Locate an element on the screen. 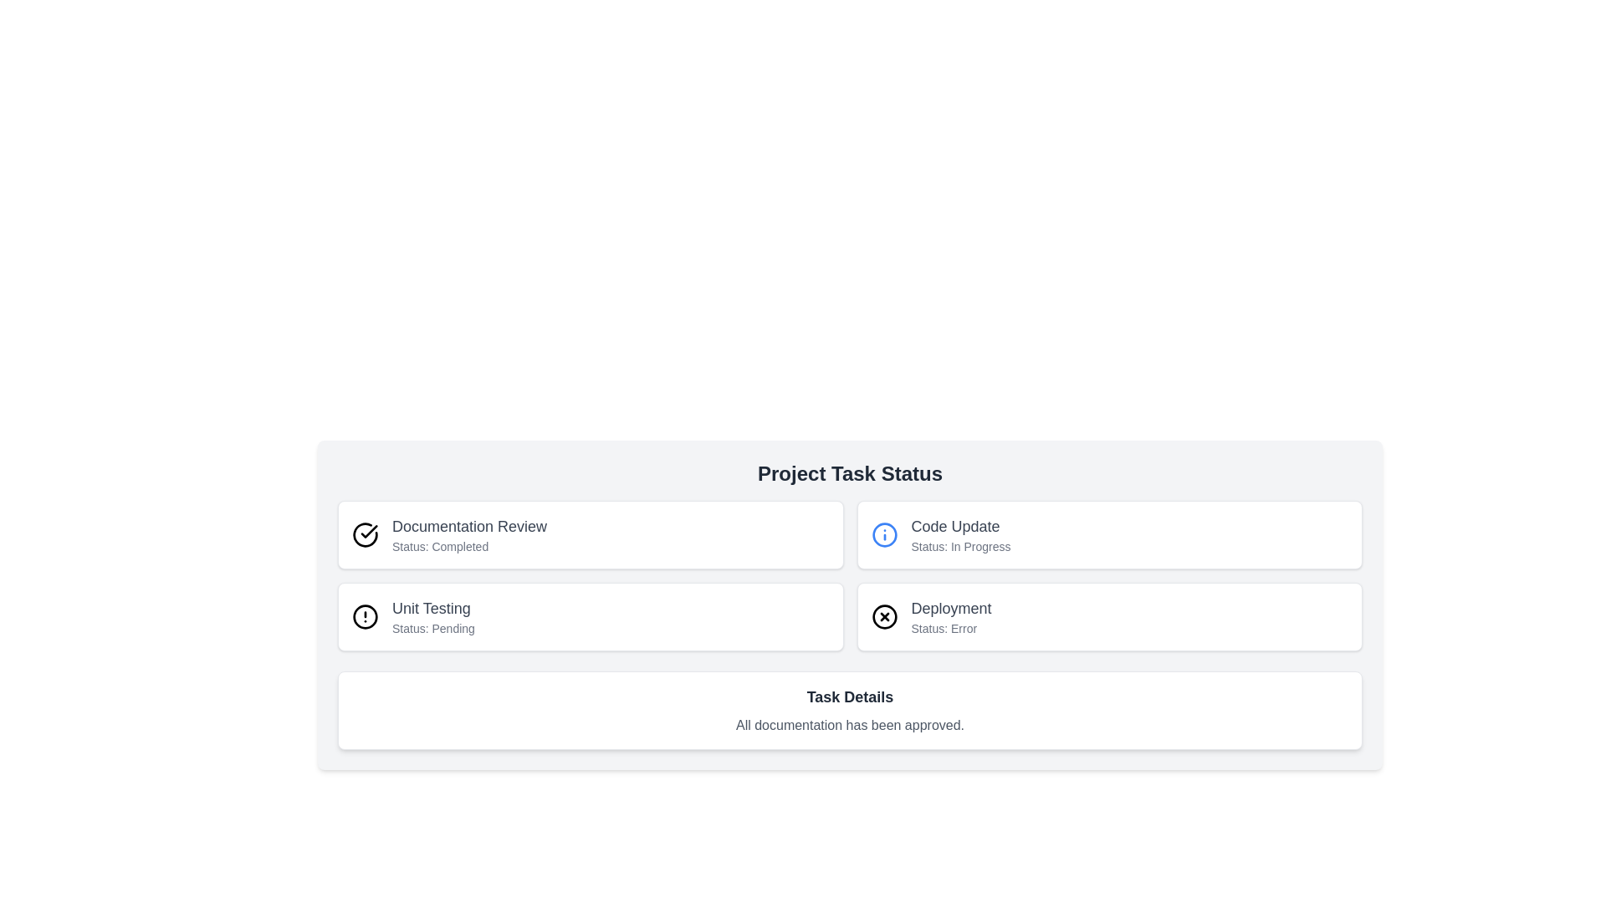 The height and width of the screenshot is (903, 1606). the Text label that displays 'Unit Testing' and 'Status: Pending', located in the second row and first column of the grid layout is located at coordinates (433, 616).